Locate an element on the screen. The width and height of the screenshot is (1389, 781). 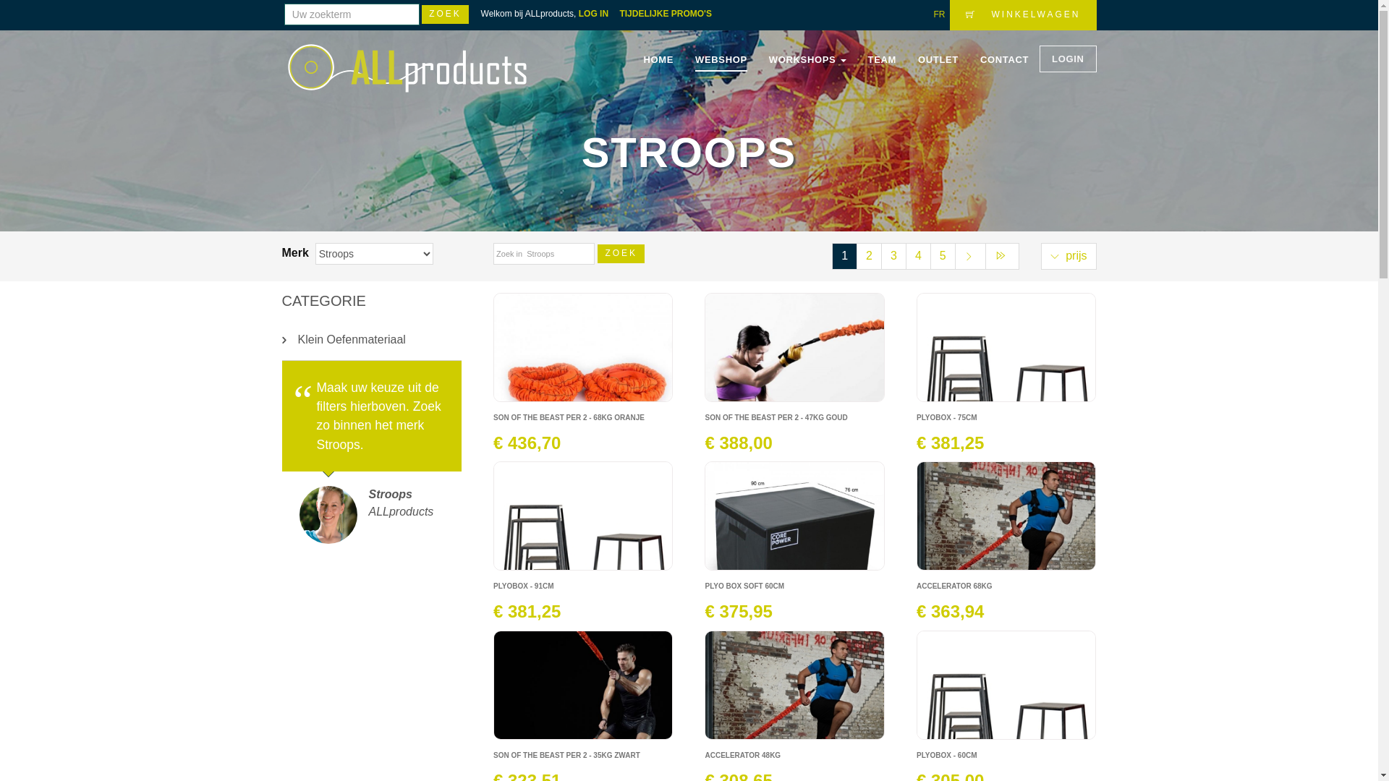
'Zoek' is located at coordinates (444, 14).